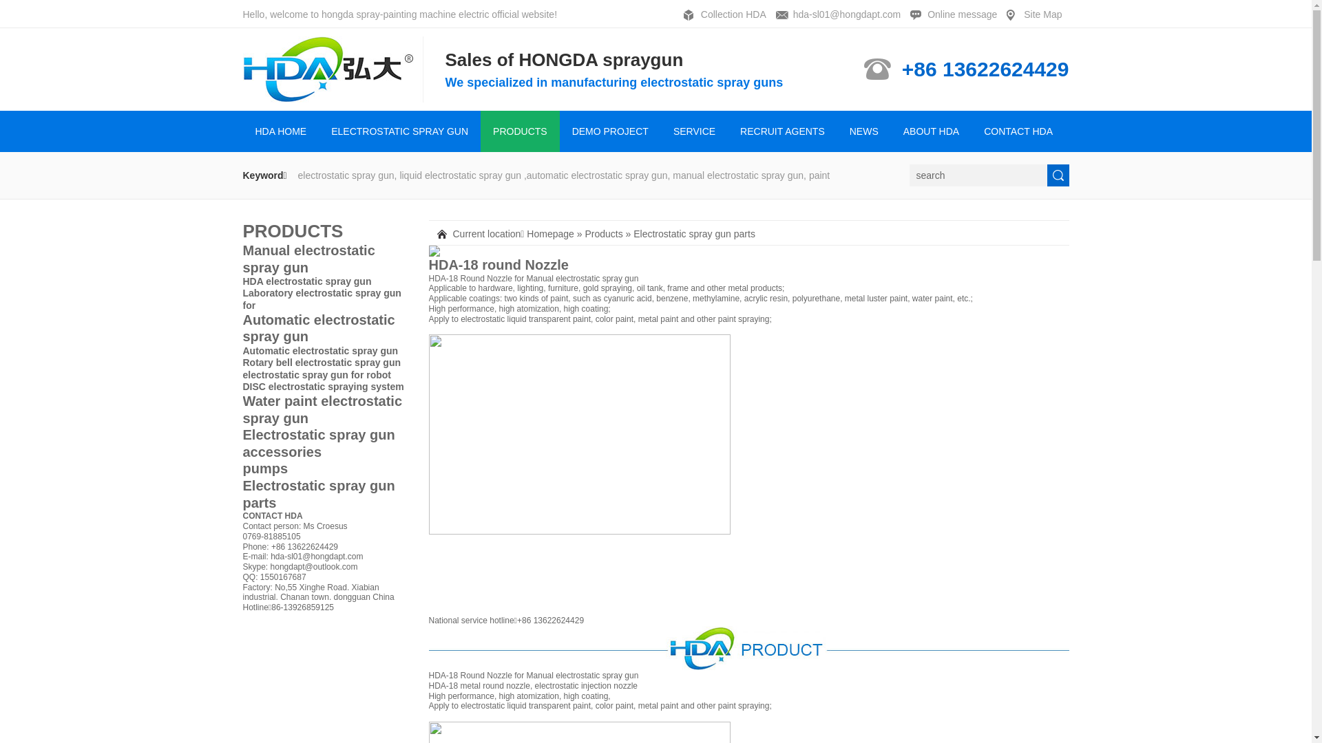 This screenshot has height=743, width=1322. What do you see at coordinates (326, 493) in the screenshot?
I see `'Electrostatic spray gun parts'` at bounding box center [326, 493].